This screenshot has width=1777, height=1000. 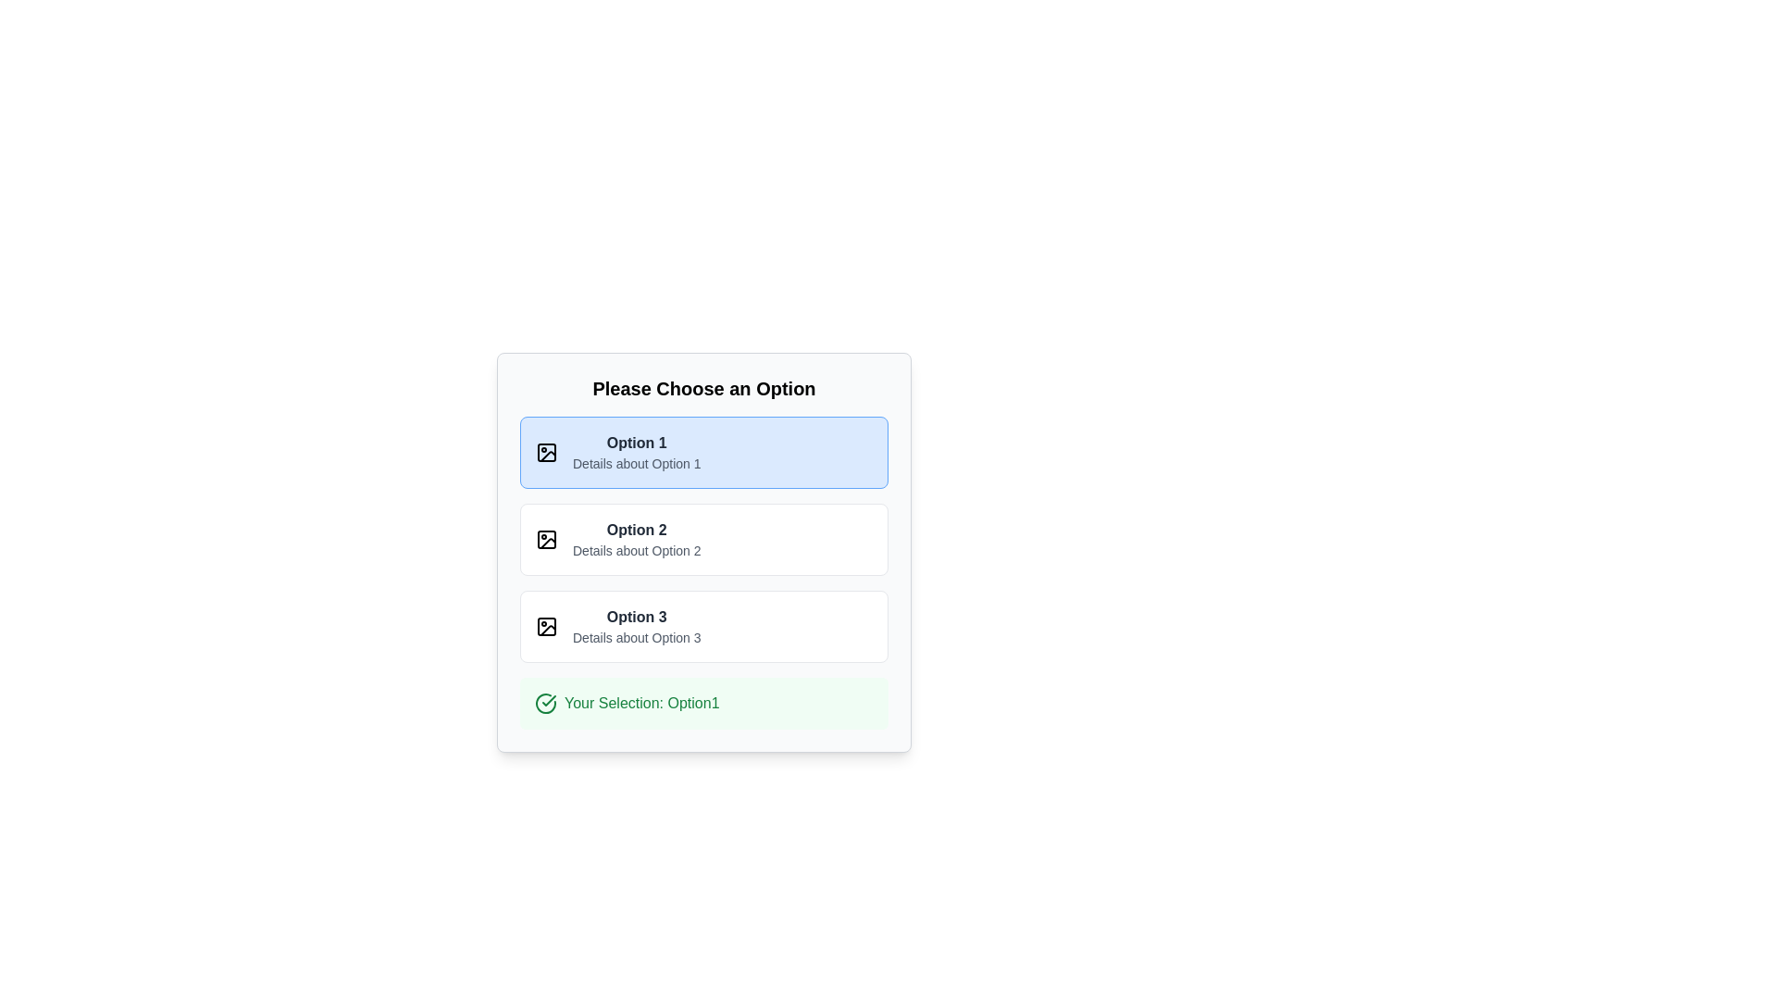 What do you see at coordinates (637, 453) in the screenshot?
I see `the first option in the selection menu located below the heading 'Please Choose an Option'` at bounding box center [637, 453].